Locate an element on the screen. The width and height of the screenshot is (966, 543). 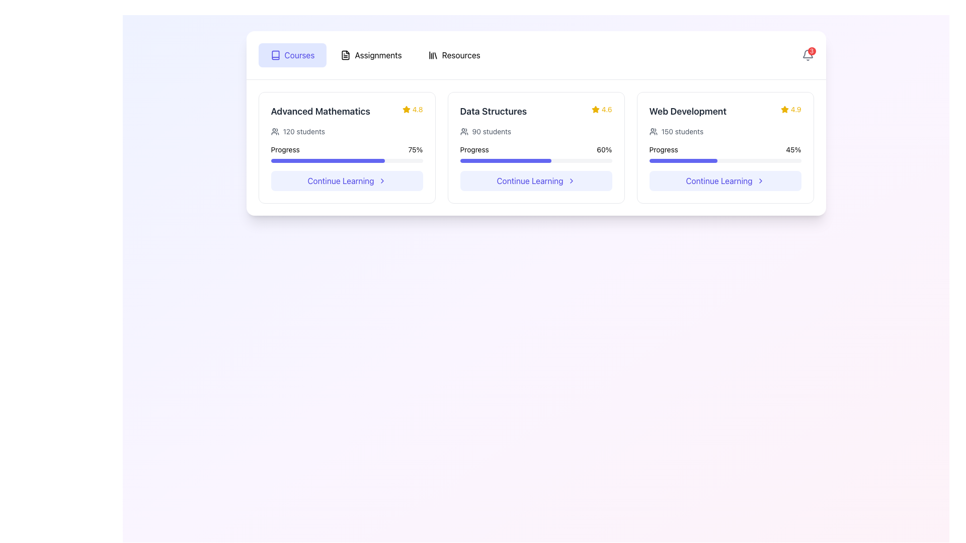
the 'Resources' button in the navigation menu to trigger visual feedback for interaction is located at coordinates (453, 55).